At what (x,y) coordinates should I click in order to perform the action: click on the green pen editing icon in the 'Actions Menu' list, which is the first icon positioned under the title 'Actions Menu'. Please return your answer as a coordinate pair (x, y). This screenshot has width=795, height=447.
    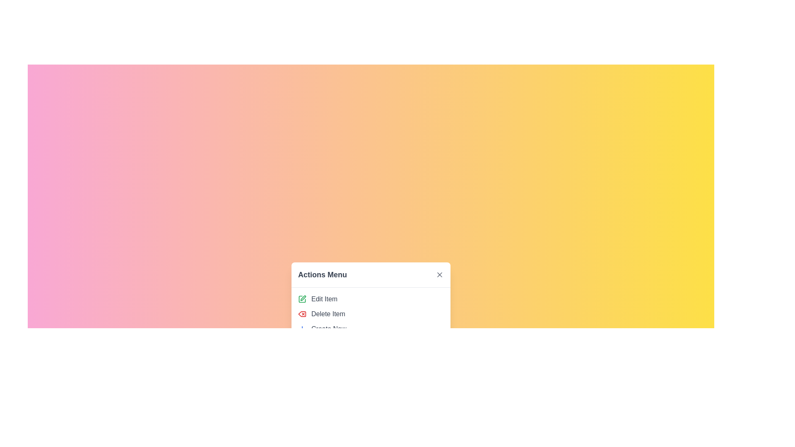
    Looking at the image, I should click on (303, 298).